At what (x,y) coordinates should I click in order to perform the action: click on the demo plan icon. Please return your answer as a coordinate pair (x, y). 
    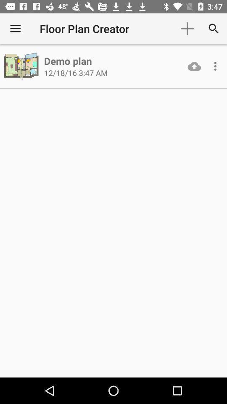
    Looking at the image, I should click on (67, 60).